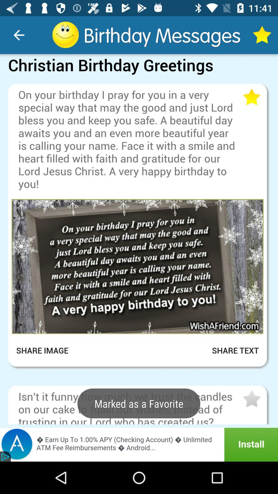 Image resolution: width=278 pixels, height=494 pixels. I want to click on share text item, so click(229, 350).